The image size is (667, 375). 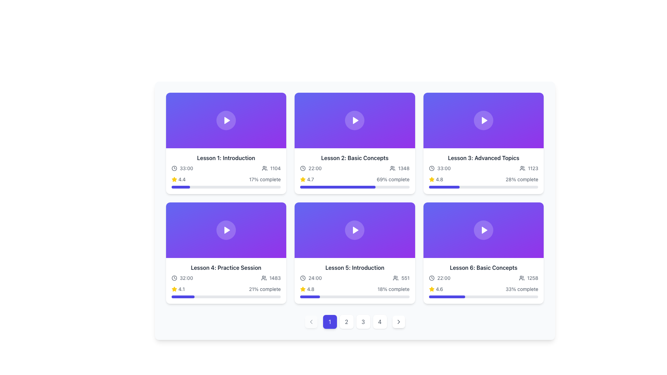 I want to click on the numeric rating text label located at the bottom left corner of the card layout for 'Lesson 4: Practice Session', so click(x=181, y=289).